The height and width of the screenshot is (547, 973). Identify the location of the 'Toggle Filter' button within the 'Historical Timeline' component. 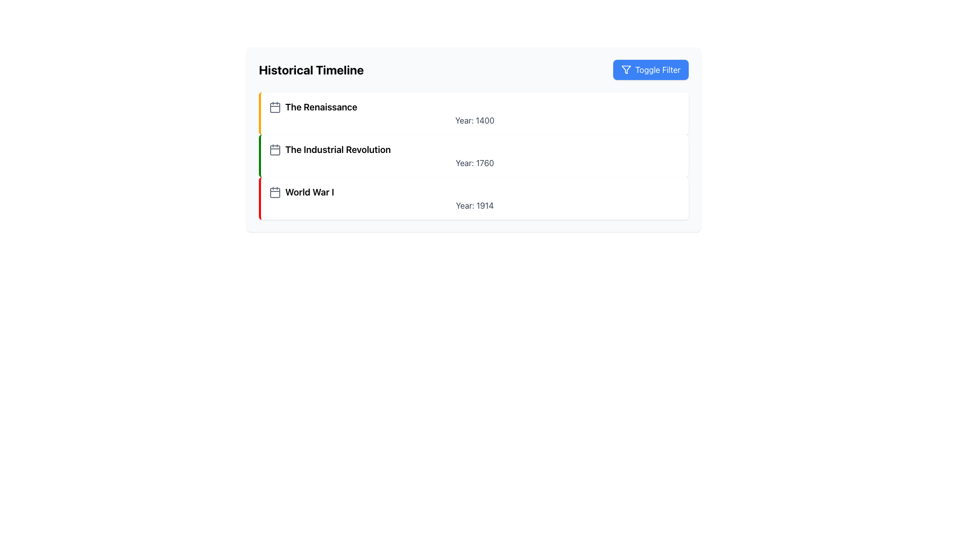
(473, 69).